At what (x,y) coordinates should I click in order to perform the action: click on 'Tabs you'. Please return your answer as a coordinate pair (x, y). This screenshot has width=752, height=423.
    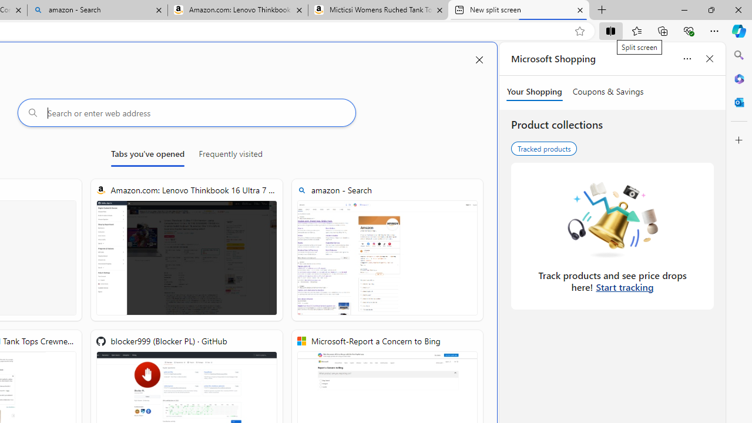
    Looking at the image, I should click on (147, 156).